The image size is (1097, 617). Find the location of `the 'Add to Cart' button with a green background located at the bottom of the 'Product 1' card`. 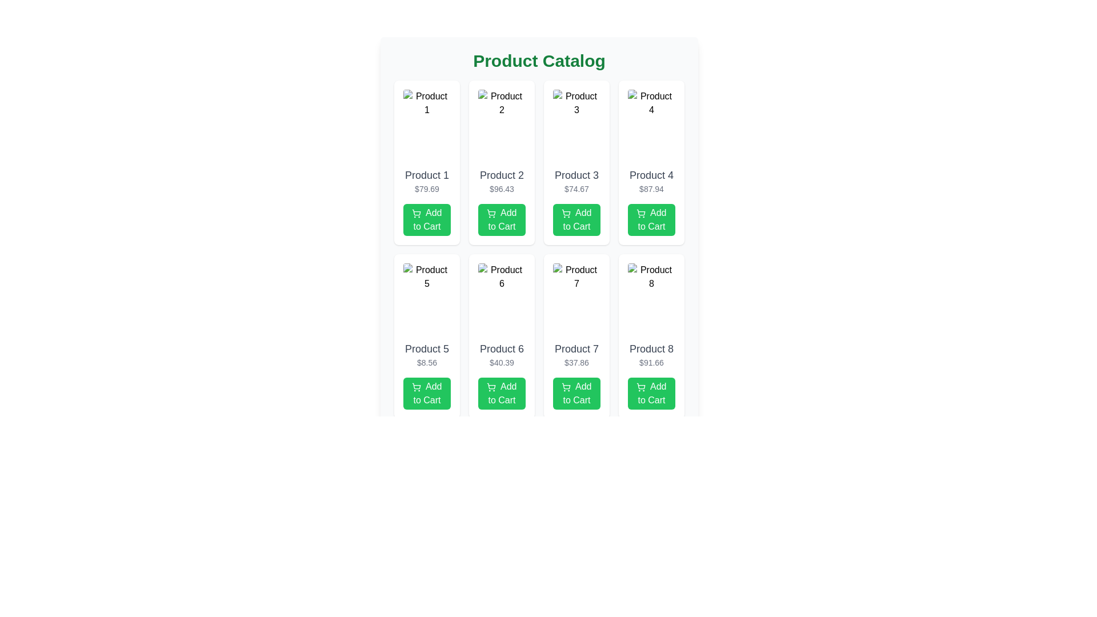

the 'Add to Cart' button with a green background located at the bottom of the 'Product 1' card is located at coordinates (426, 220).